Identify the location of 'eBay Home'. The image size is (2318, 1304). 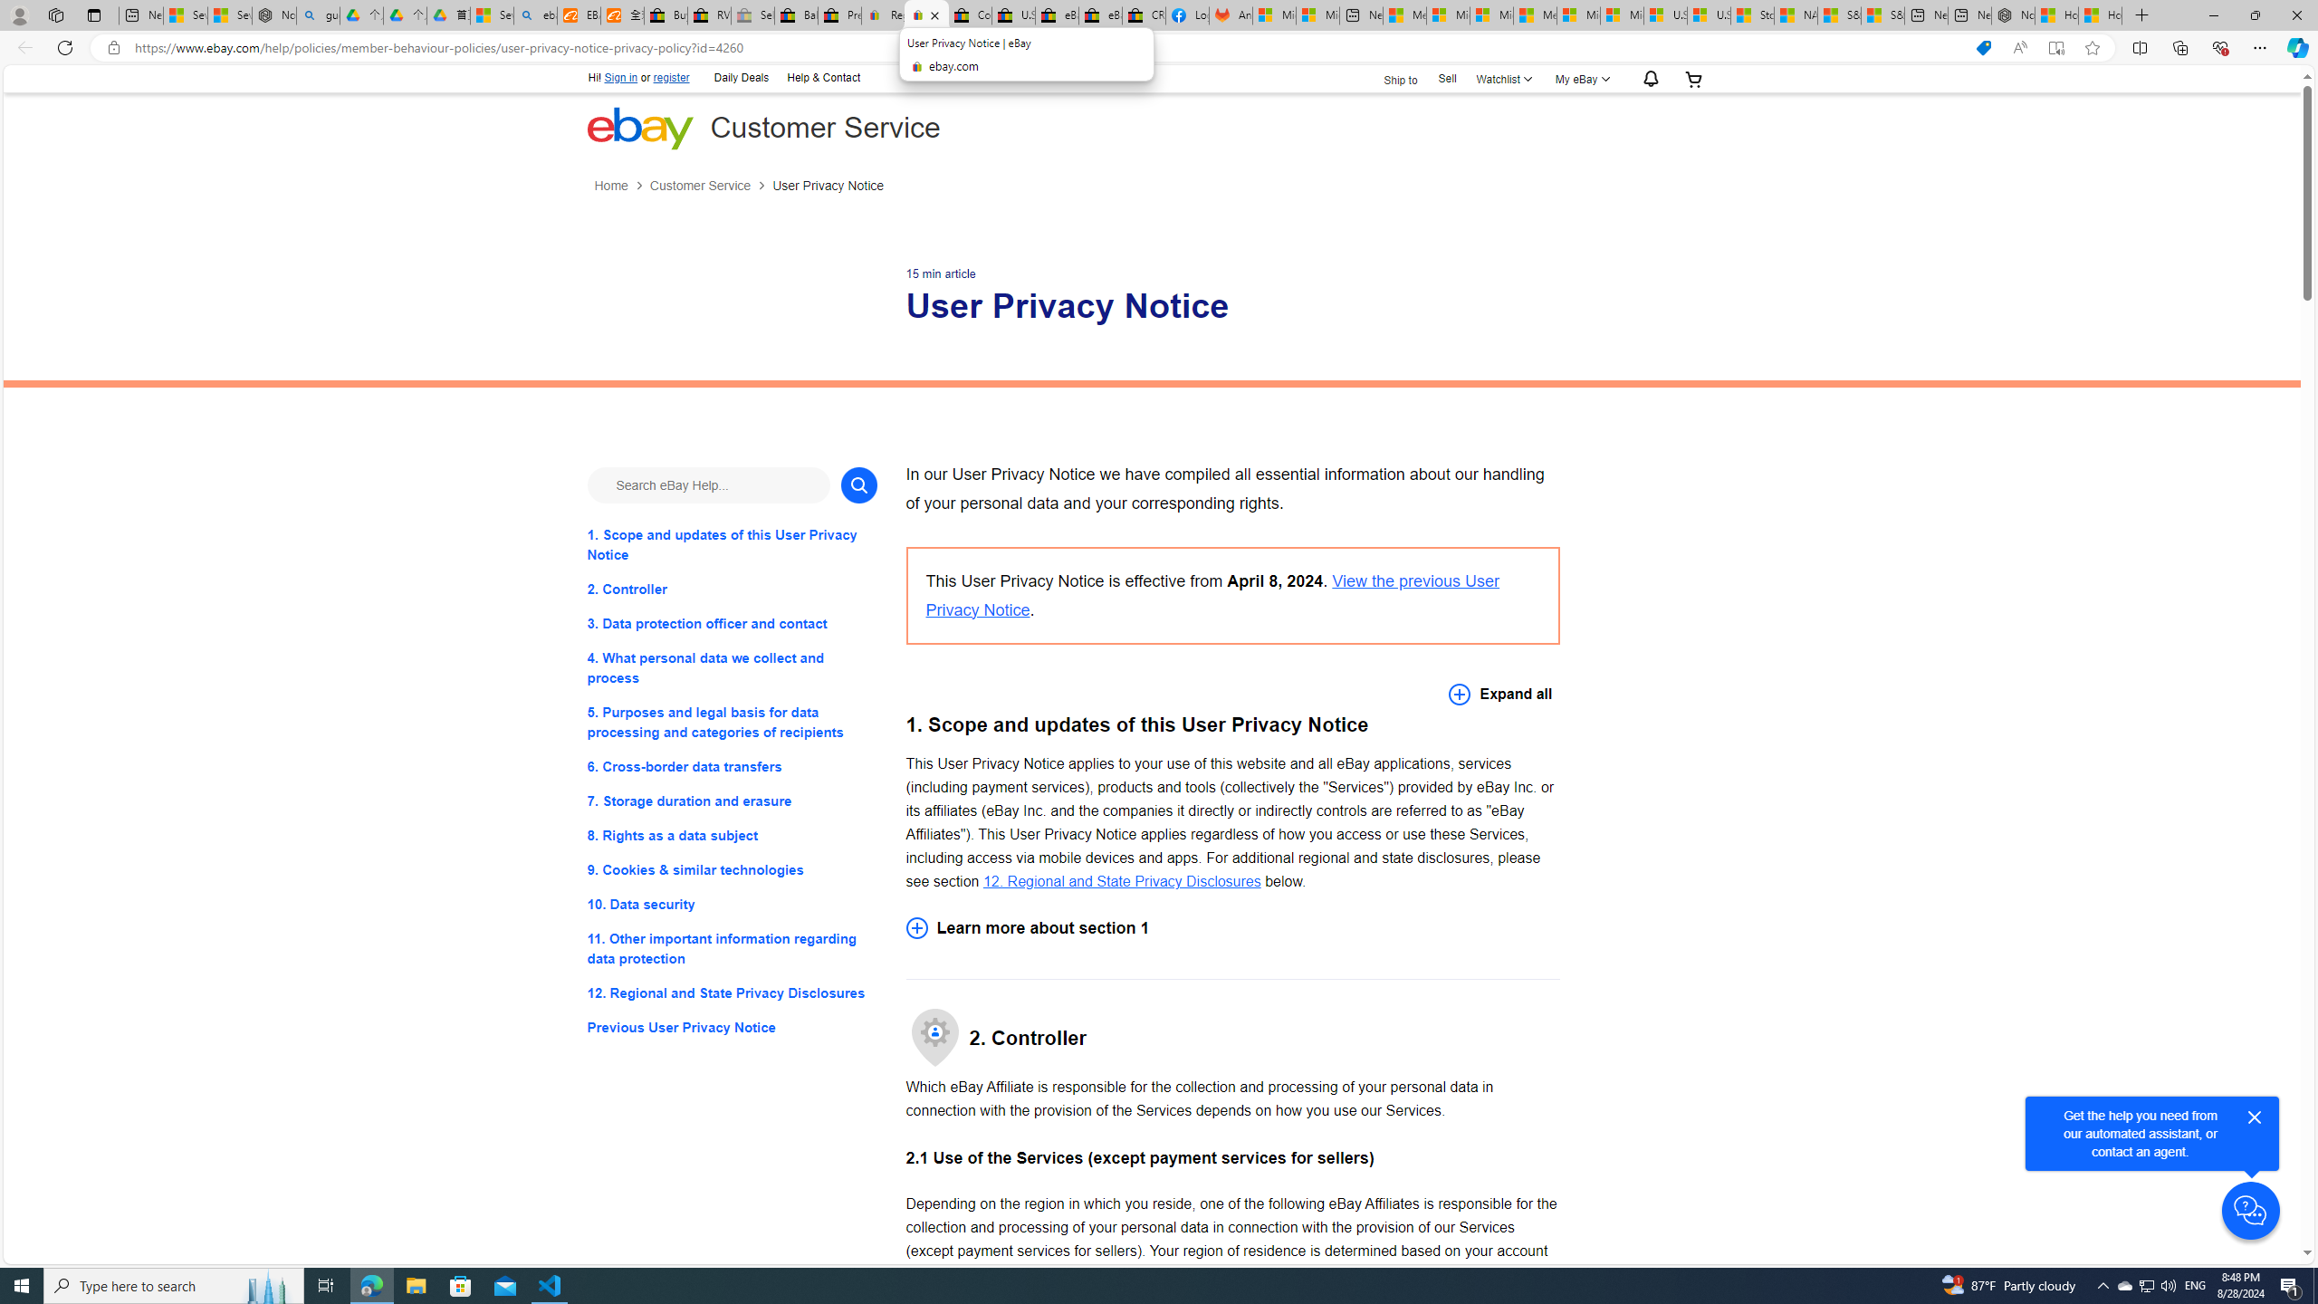
(638, 128).